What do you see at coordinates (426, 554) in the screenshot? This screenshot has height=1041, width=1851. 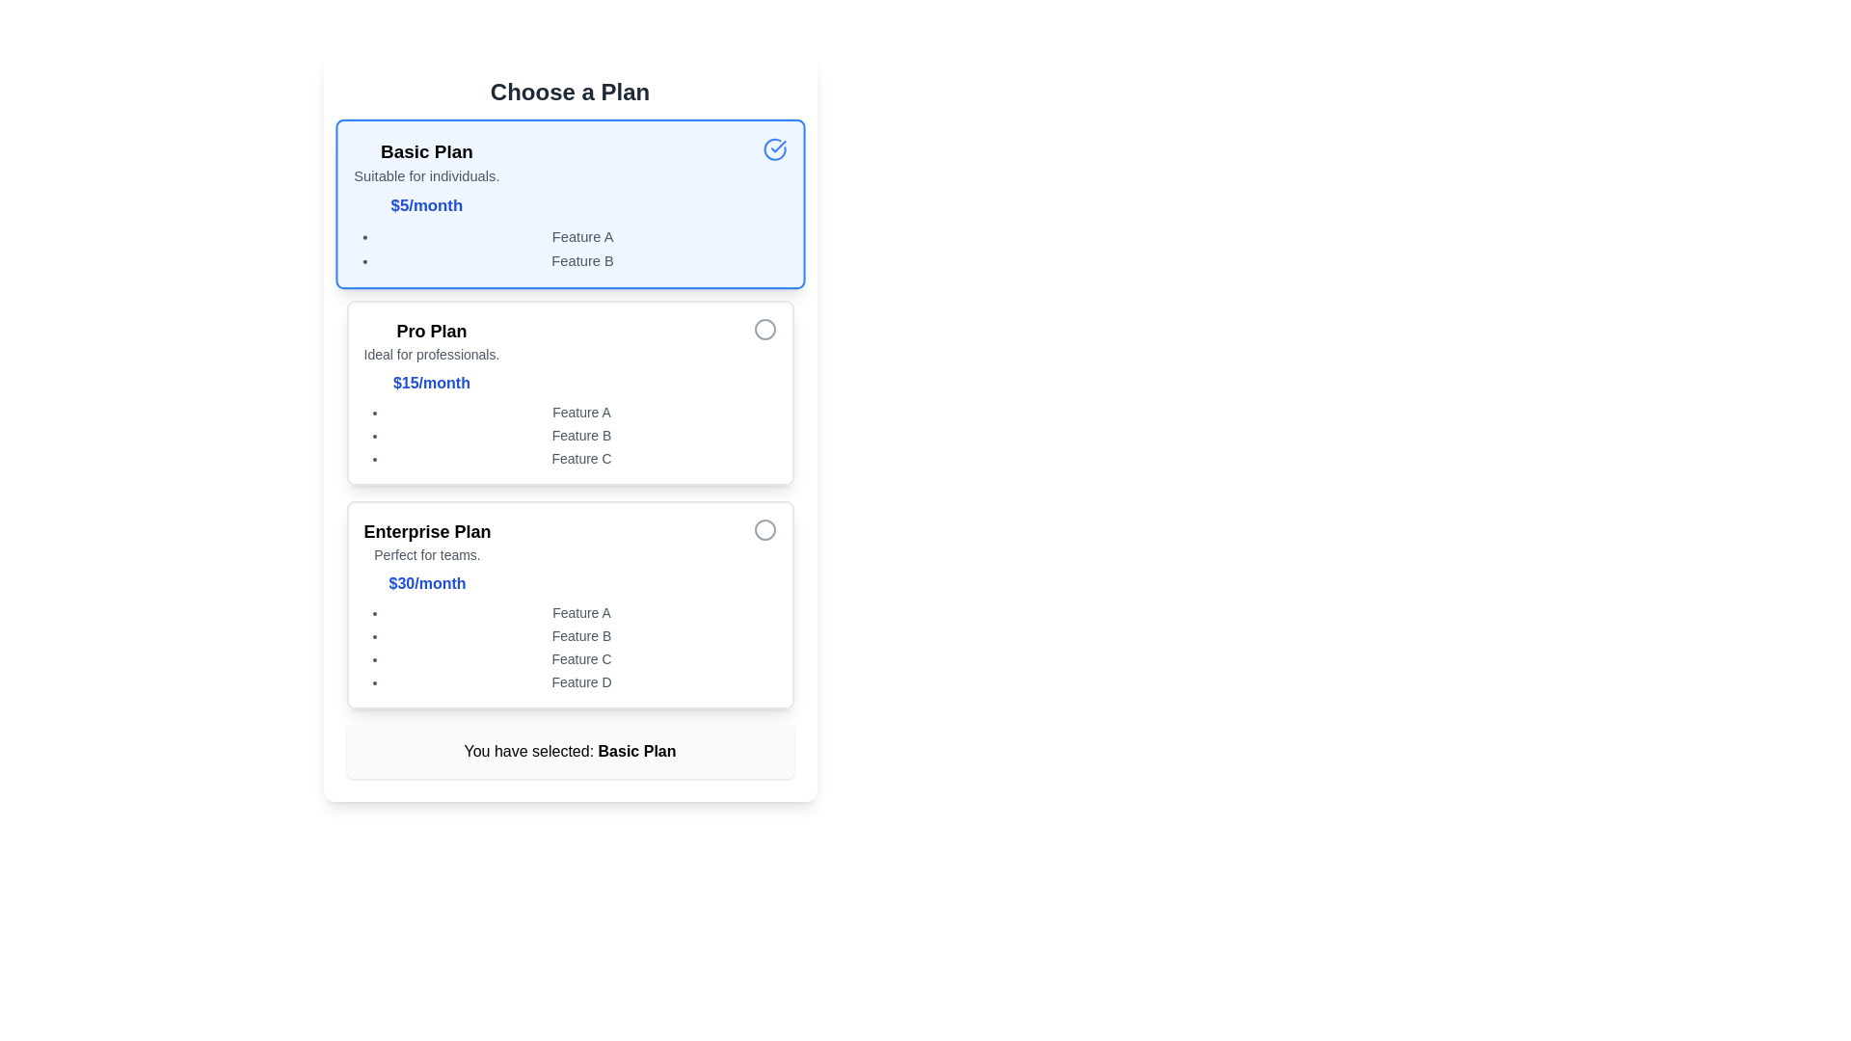 I see `text that provides a concise description of the 'Enterprise Plan', which is positioned below the title 'Enterprise Plan' and above the price text ('$30/month') within the 'Enterprise Plan' card` at bounding box center [426, 554].